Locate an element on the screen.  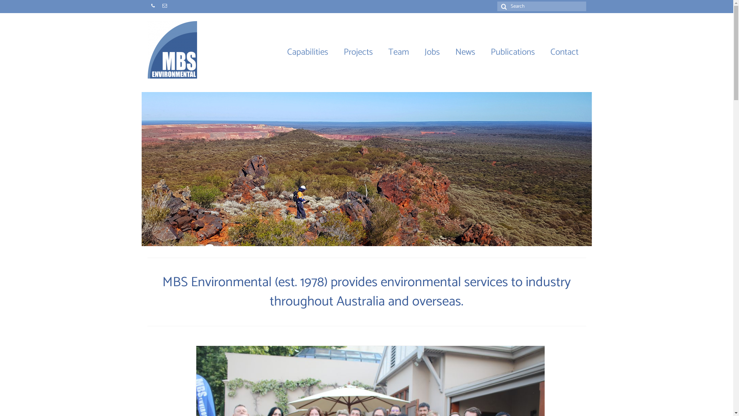
'News' is located at coordinates (447, 52).